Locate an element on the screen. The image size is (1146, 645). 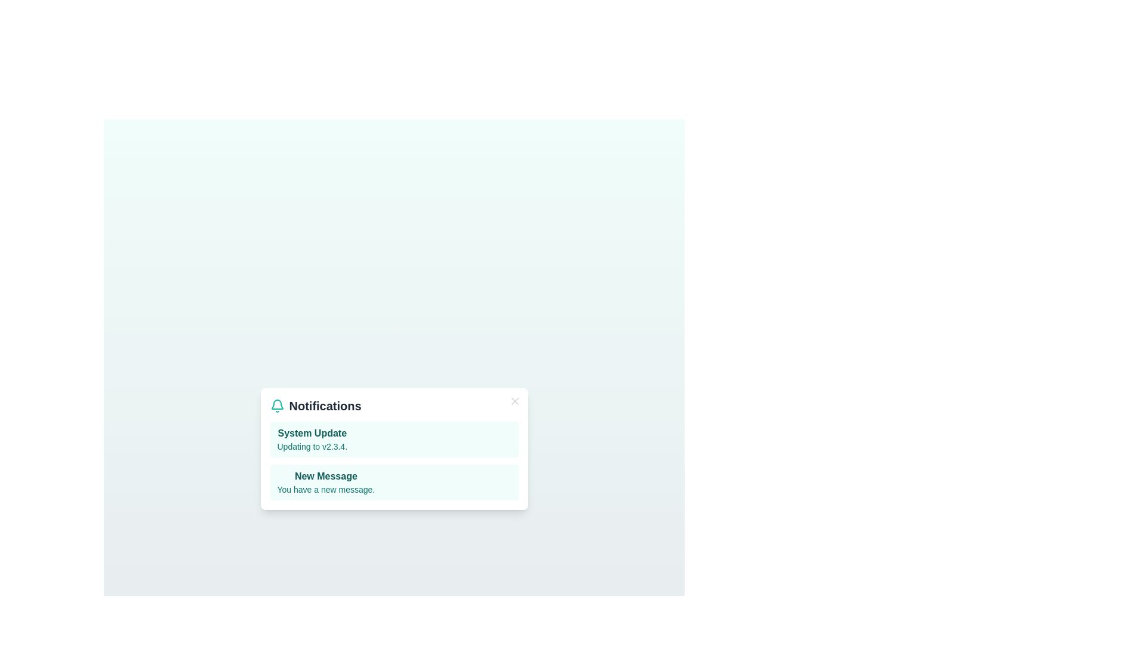
the notification hub icon to interact with it is located at coordinates (276, 405).